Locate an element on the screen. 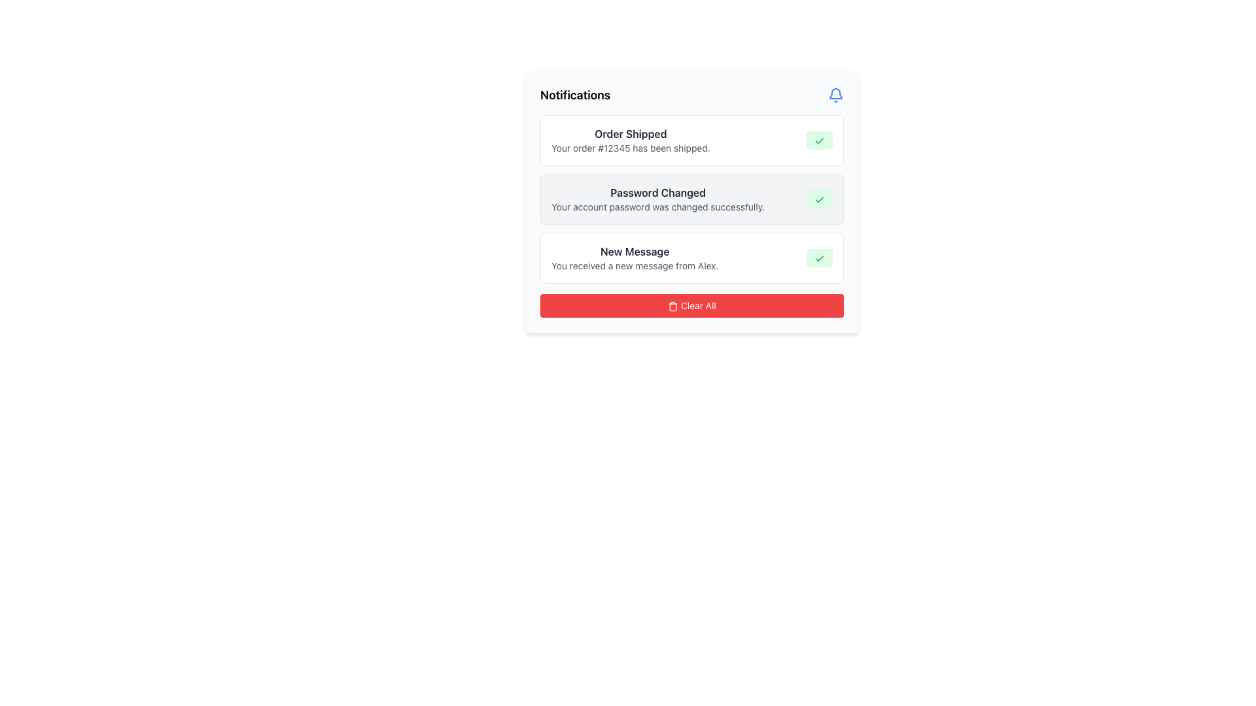  information displayed in the Textual Notification titled 'Password Changed', which includes a message stating 'Your account password was changed successfully.' is located at coordinates (658, 199).